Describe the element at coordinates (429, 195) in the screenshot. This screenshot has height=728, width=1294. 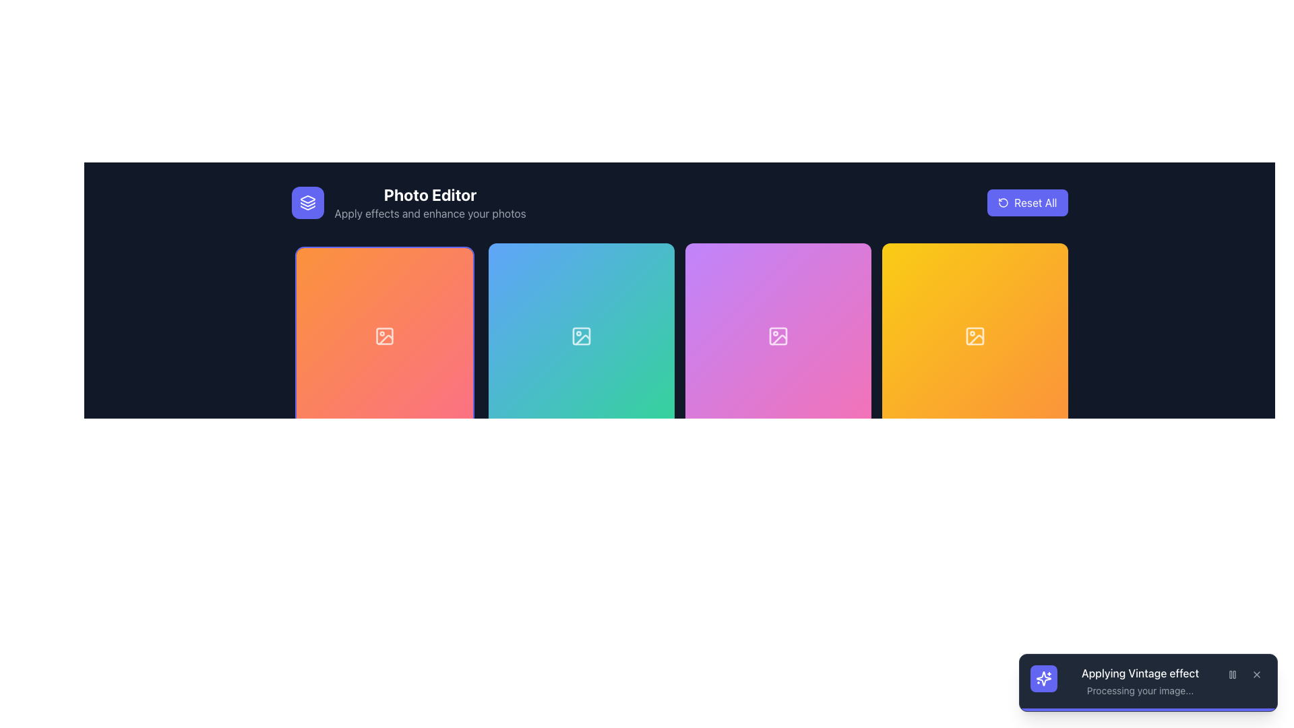
I see `text from the 'Photo Editor' label, which is a bold, white text label displayed in a large font size on a dark background, centrally located in the interface` at that location.